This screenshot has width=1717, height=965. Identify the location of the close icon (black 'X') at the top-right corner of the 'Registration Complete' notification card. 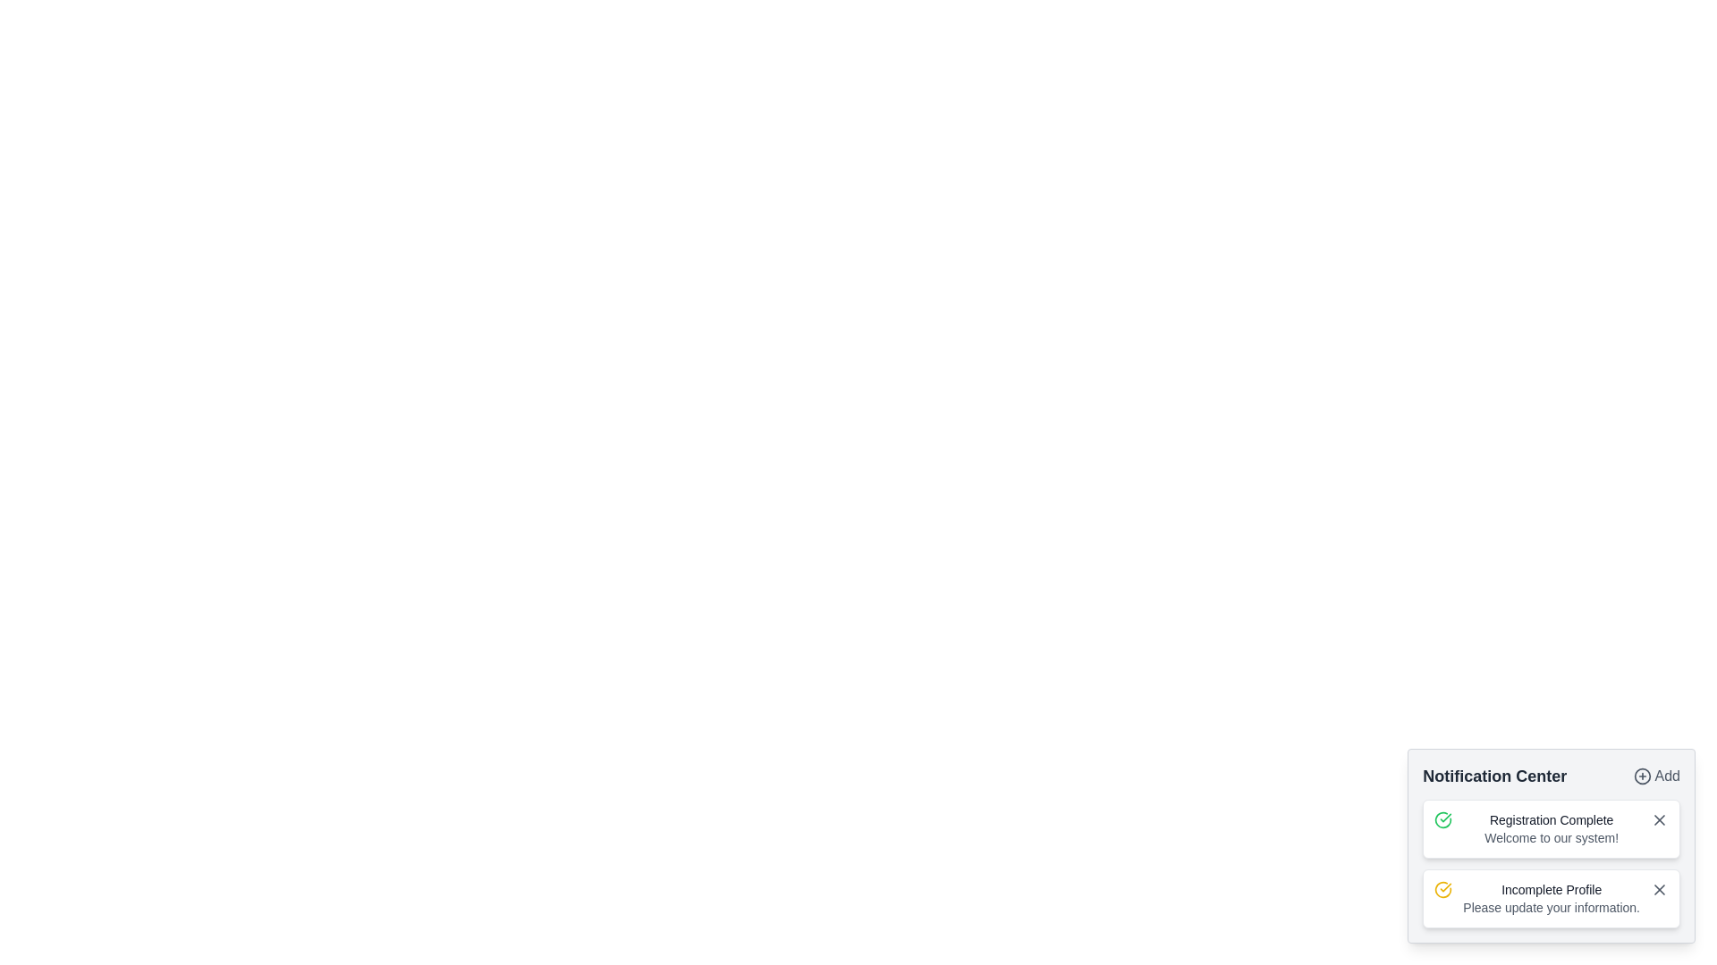
(1659, 820).